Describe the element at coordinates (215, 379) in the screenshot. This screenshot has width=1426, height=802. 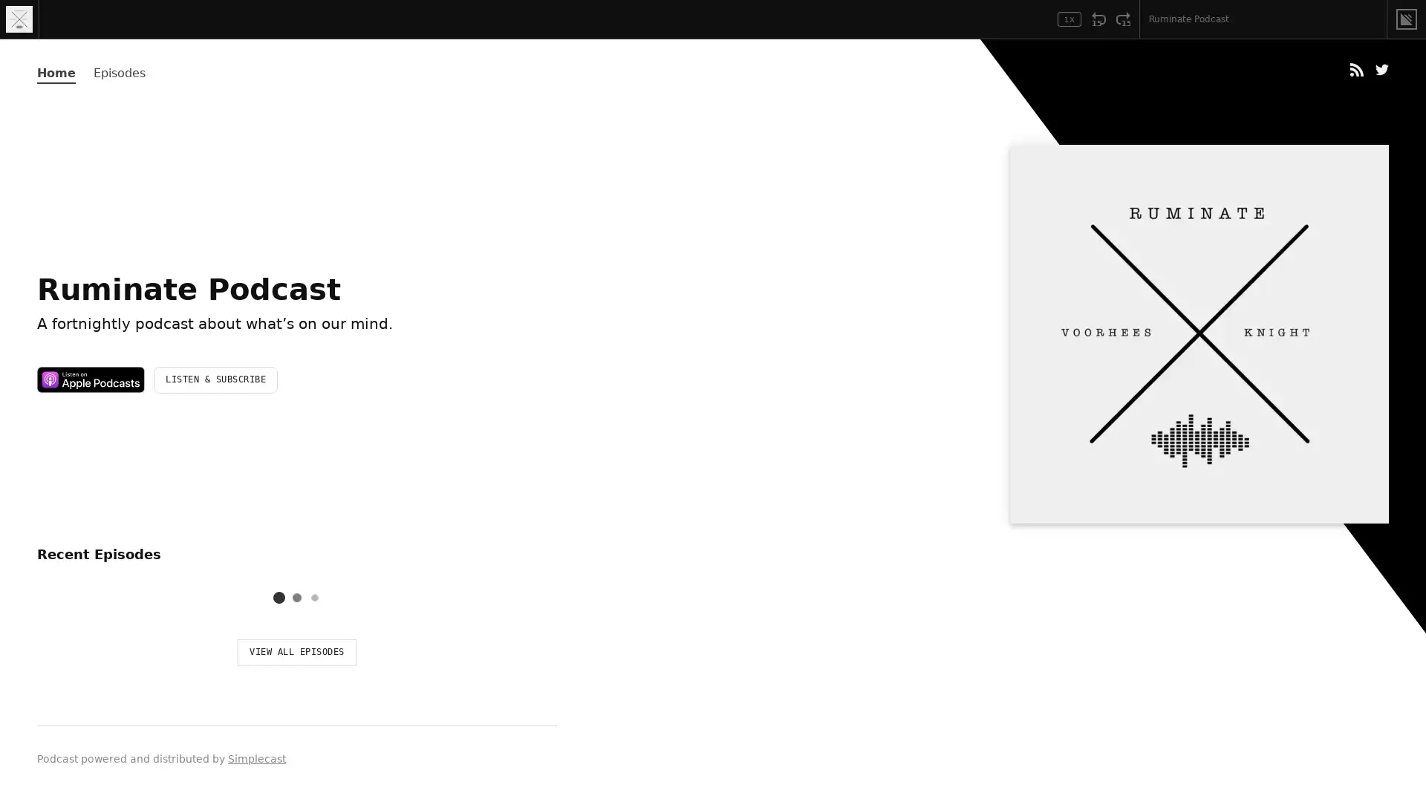
I see `LISTEN & SUBSCRIBE` at that location.